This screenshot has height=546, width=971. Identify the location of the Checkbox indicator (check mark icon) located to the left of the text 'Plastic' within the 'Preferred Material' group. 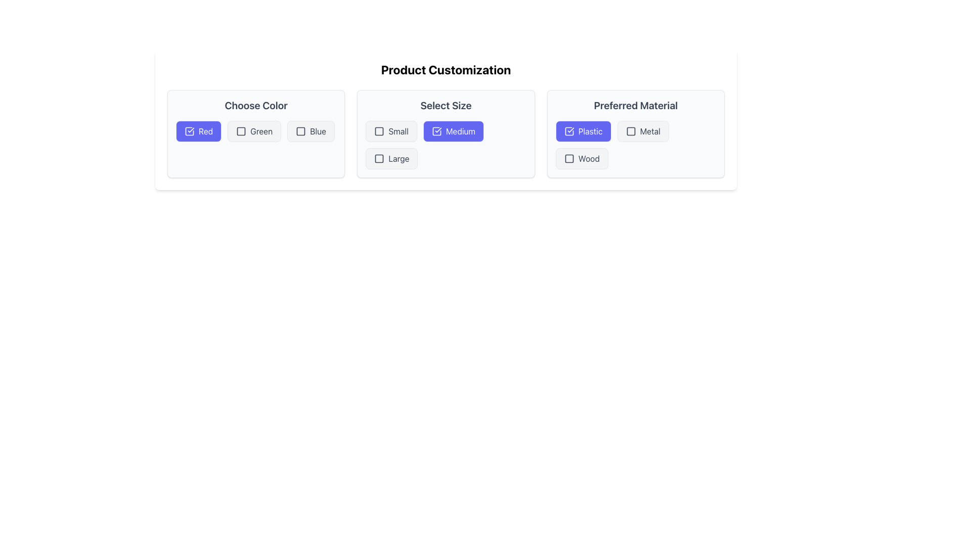
(569, 130).